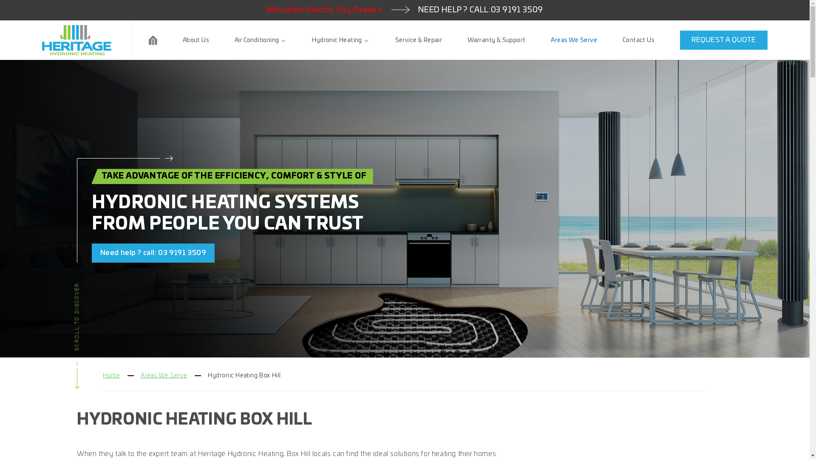 This screenshot has width=816, height=459. What do you see at coordinates (638, 40) in the screenshot?
I see `'Contact Us'` at bounding box center [638, 40].